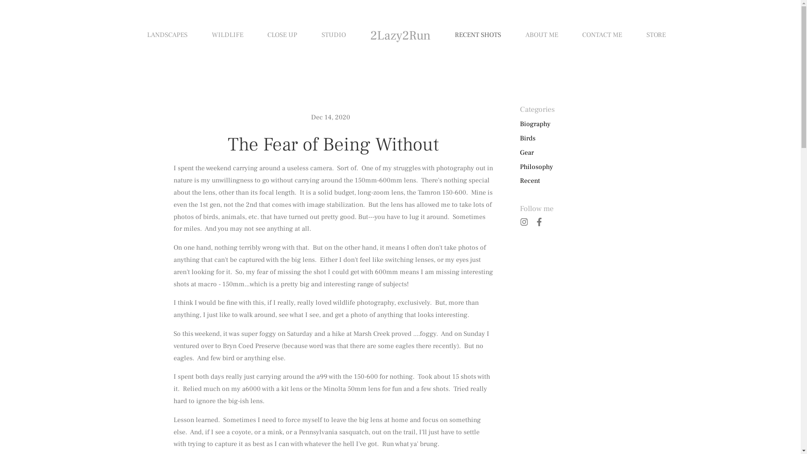  Describe the element at coordinates (542, 35) in the screenshot. I see `'ABOUT ME'` at that location.